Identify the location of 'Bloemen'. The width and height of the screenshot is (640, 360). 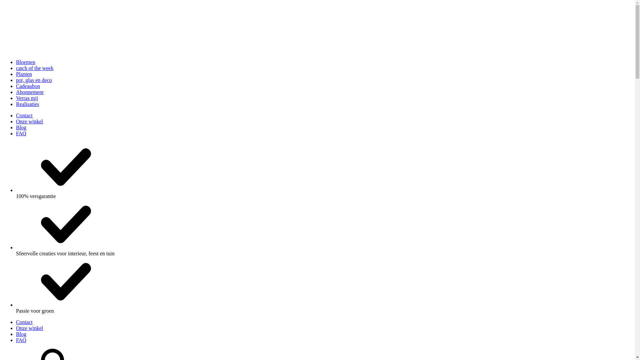
(25, 62).